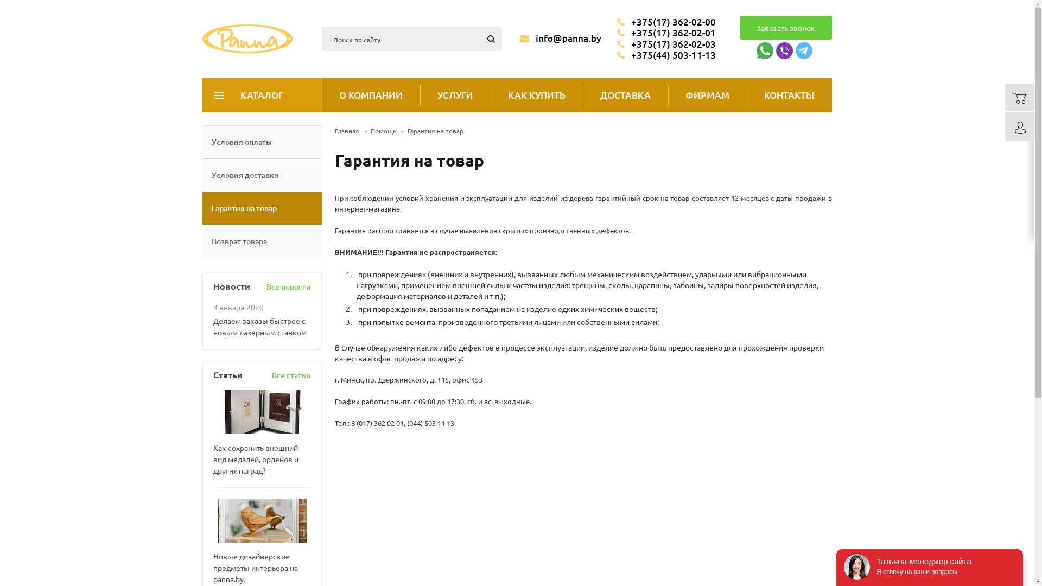 The width and height of the screenshot is (1042, 586). What do you see at coordinates (560, 37) in the screenshot?
I see `'info@panna.by'` at bounding box center [560, 37].